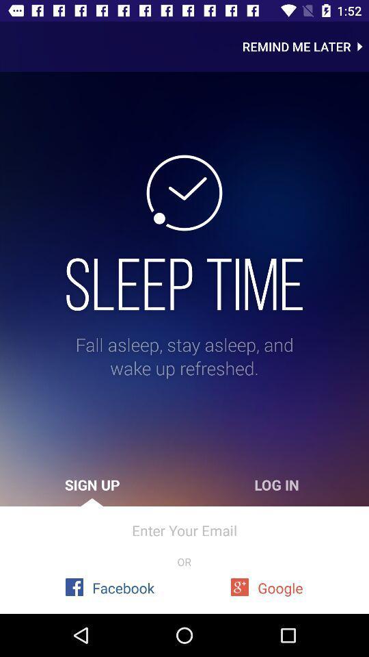 The image size is (369, 657). What do you see at coordinates (277, 485) in the screenshot?
I see `item below the fall asleep stay` at bounding box center [277, 485].